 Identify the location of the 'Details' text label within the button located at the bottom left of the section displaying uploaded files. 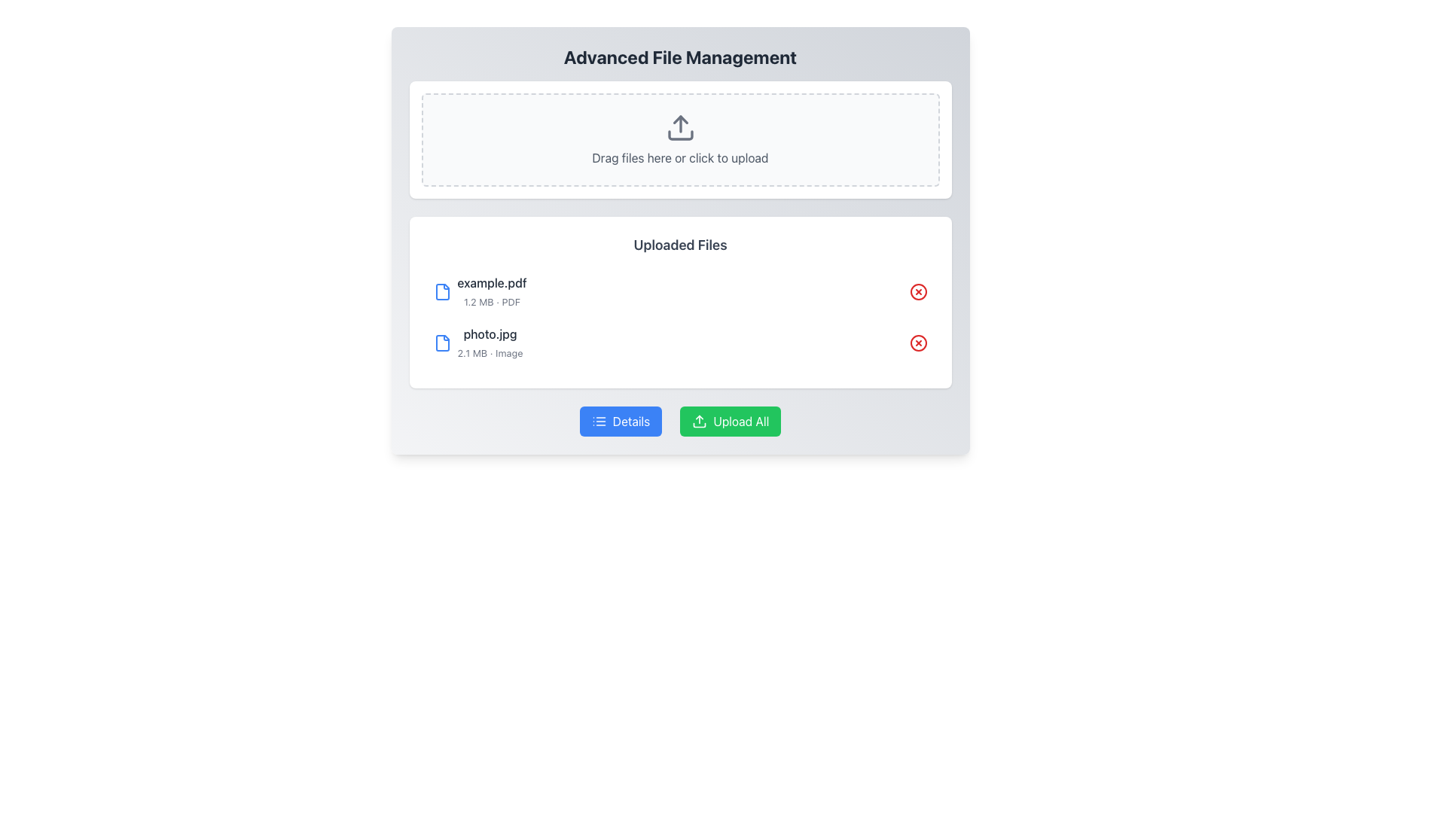
(631, 421).